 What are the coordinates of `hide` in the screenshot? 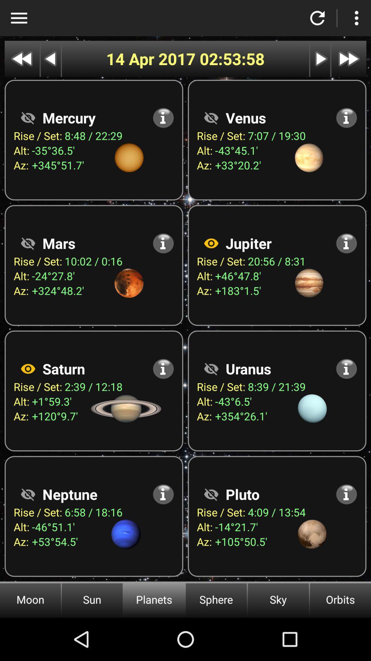 It's located at (27, 118).